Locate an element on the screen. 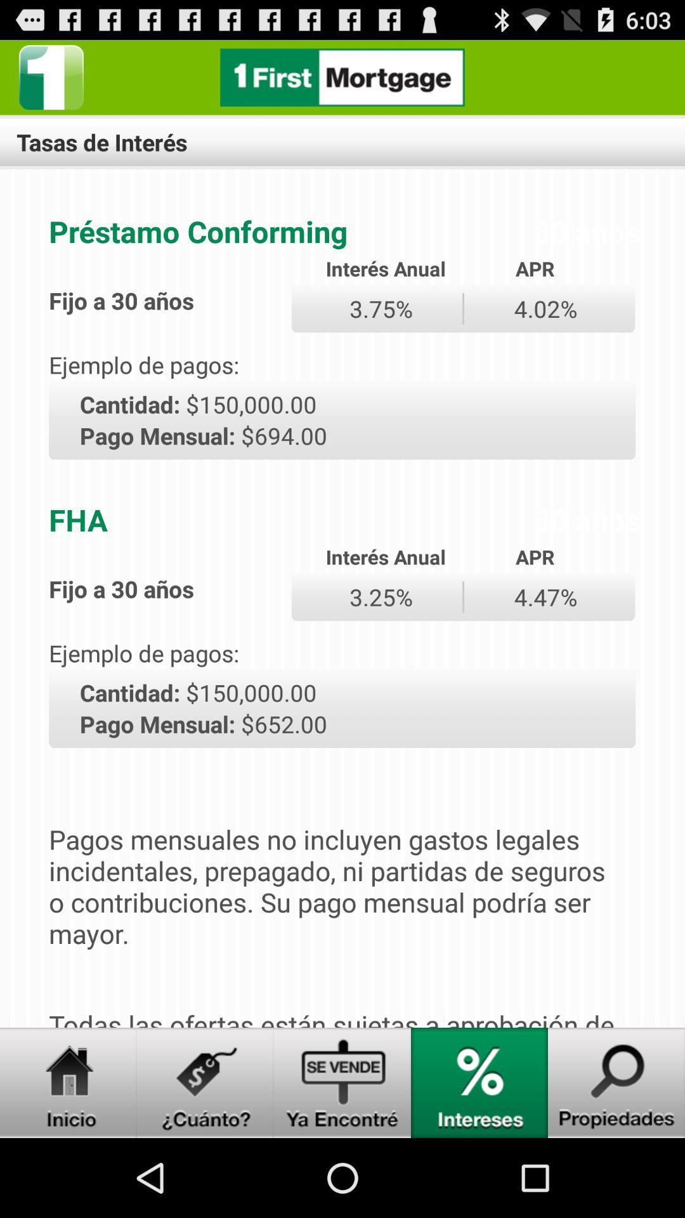 This screenshot has width=685, height=1218. go home is located at coordinates (68, 1082).